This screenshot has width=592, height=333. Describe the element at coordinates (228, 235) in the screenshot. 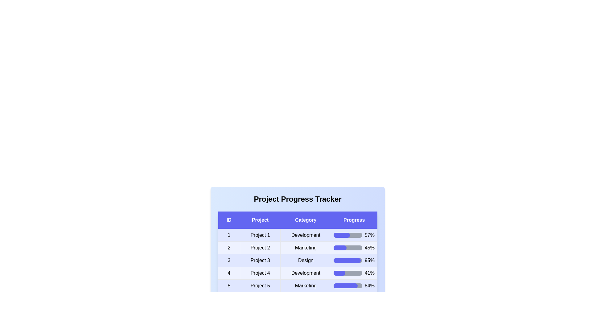

I see `the cell corresponding to project ID 1 and category 'Development'` at that location.